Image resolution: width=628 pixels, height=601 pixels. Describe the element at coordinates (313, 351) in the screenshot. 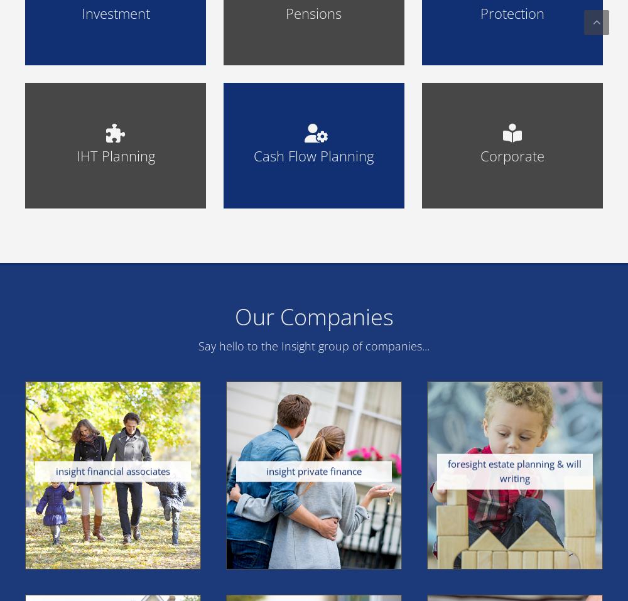

I see `'Securing your future with a pension is potentially one of the most important decisions that you will make throughout your life.'` at that location.